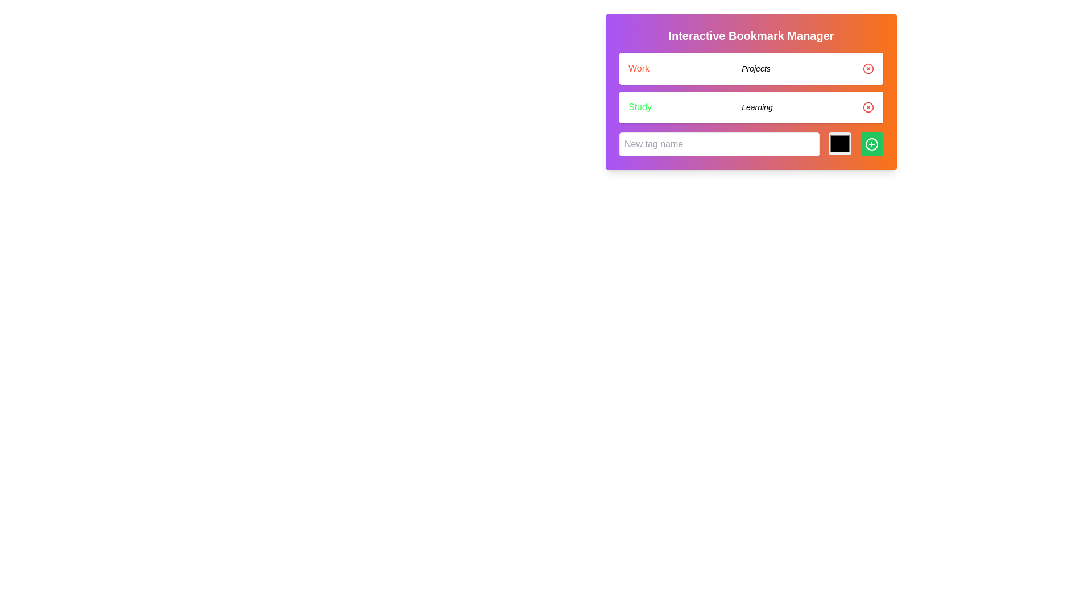 Image resolution: width=1092 pixels, height=614 pixels. I want to click on the circular plus sign element outlined within the 'Add' button area located on the right side of the application panel, so click(871, 144).